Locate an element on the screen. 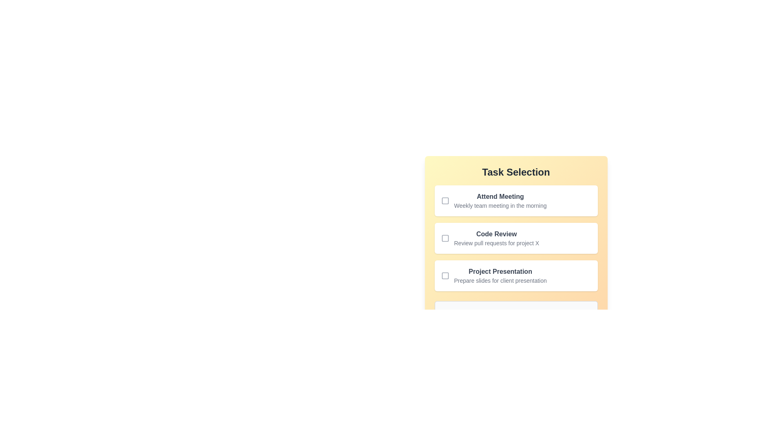 The image size is (783, 440). the 'Project Presentation' text label element, which is the title of the third list item in the task selection interface, positioned between 'Code Review' and 'Prepare slides for client presentation' is located at coordinates (500, 272).